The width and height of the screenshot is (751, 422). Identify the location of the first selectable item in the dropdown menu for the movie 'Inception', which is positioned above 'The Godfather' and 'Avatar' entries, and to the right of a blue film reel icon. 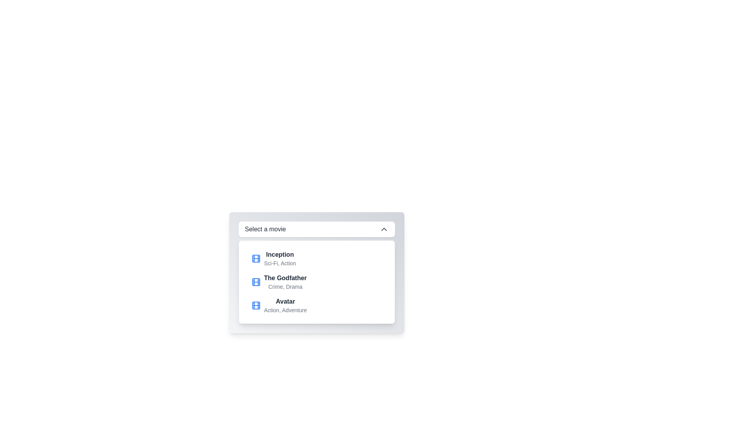
(280, 259).